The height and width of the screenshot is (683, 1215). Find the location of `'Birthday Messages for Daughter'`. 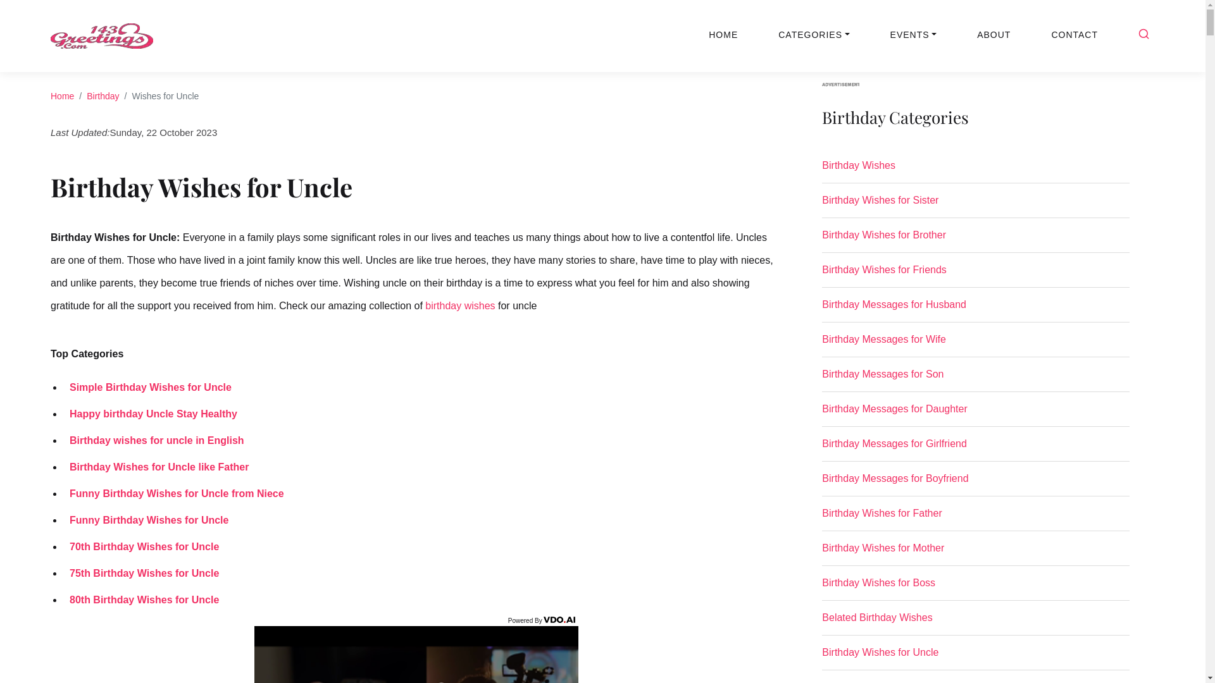

'Birthday Messages for Daughter' is located at coordinates (975, 414).